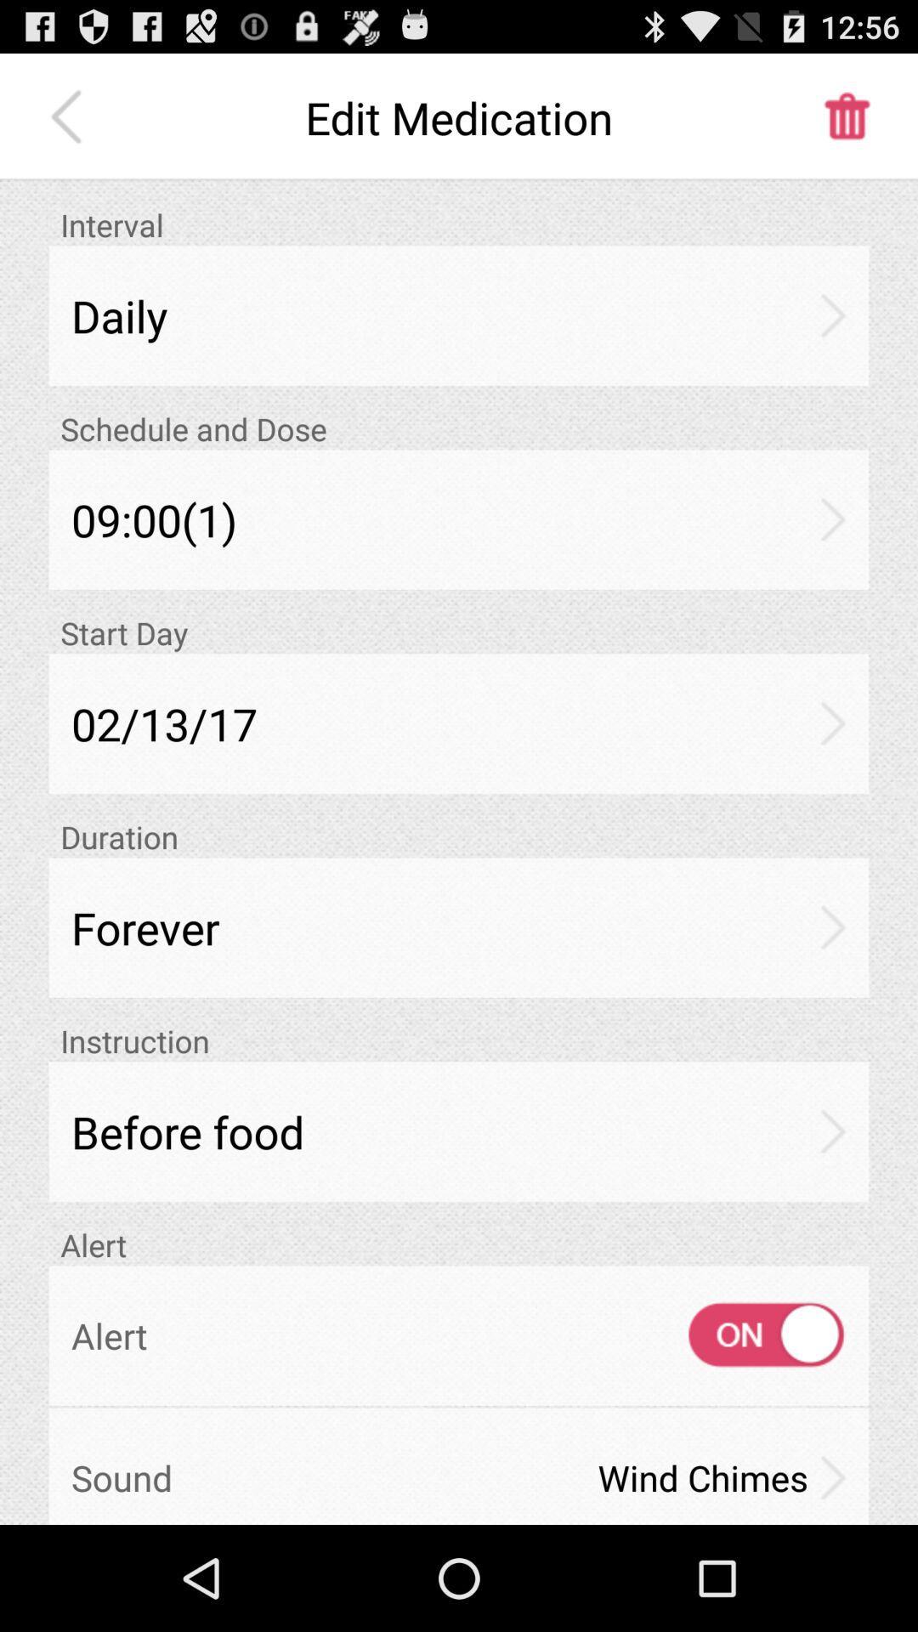  I want to click on item below the instruction icon, so click(459, 1131).